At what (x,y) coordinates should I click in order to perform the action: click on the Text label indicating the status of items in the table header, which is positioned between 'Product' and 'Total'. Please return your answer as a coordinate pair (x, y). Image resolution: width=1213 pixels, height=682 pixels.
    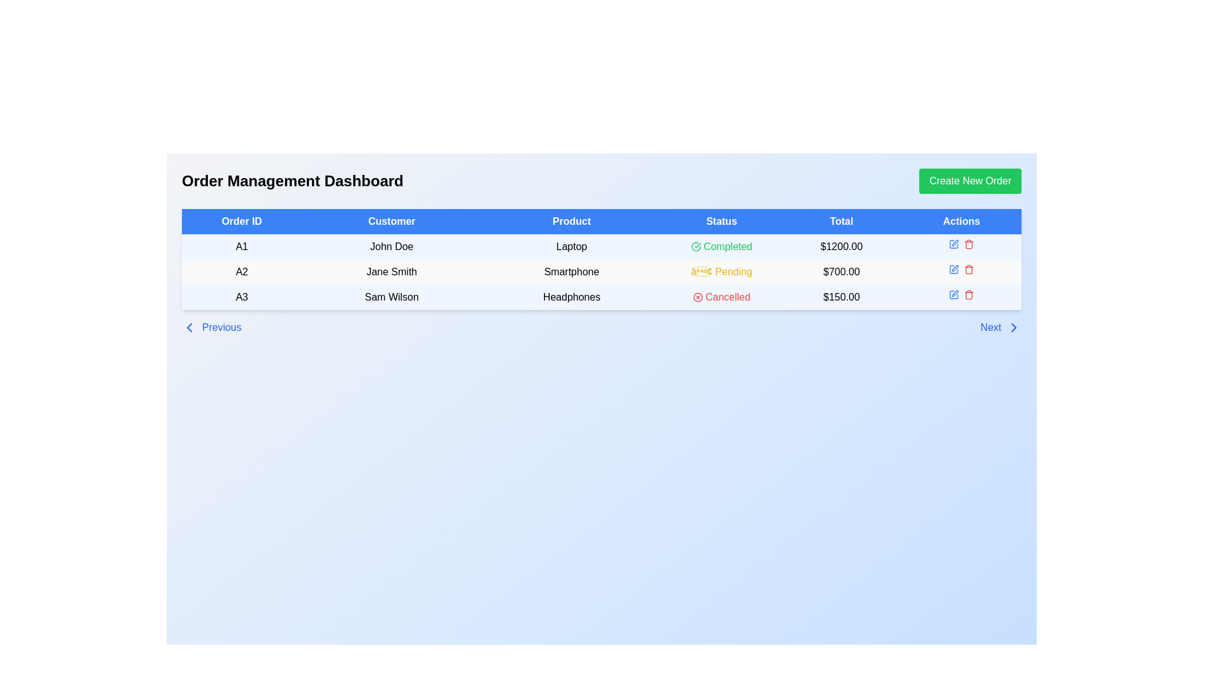
    Looking at the image, I should click on (721, 221).